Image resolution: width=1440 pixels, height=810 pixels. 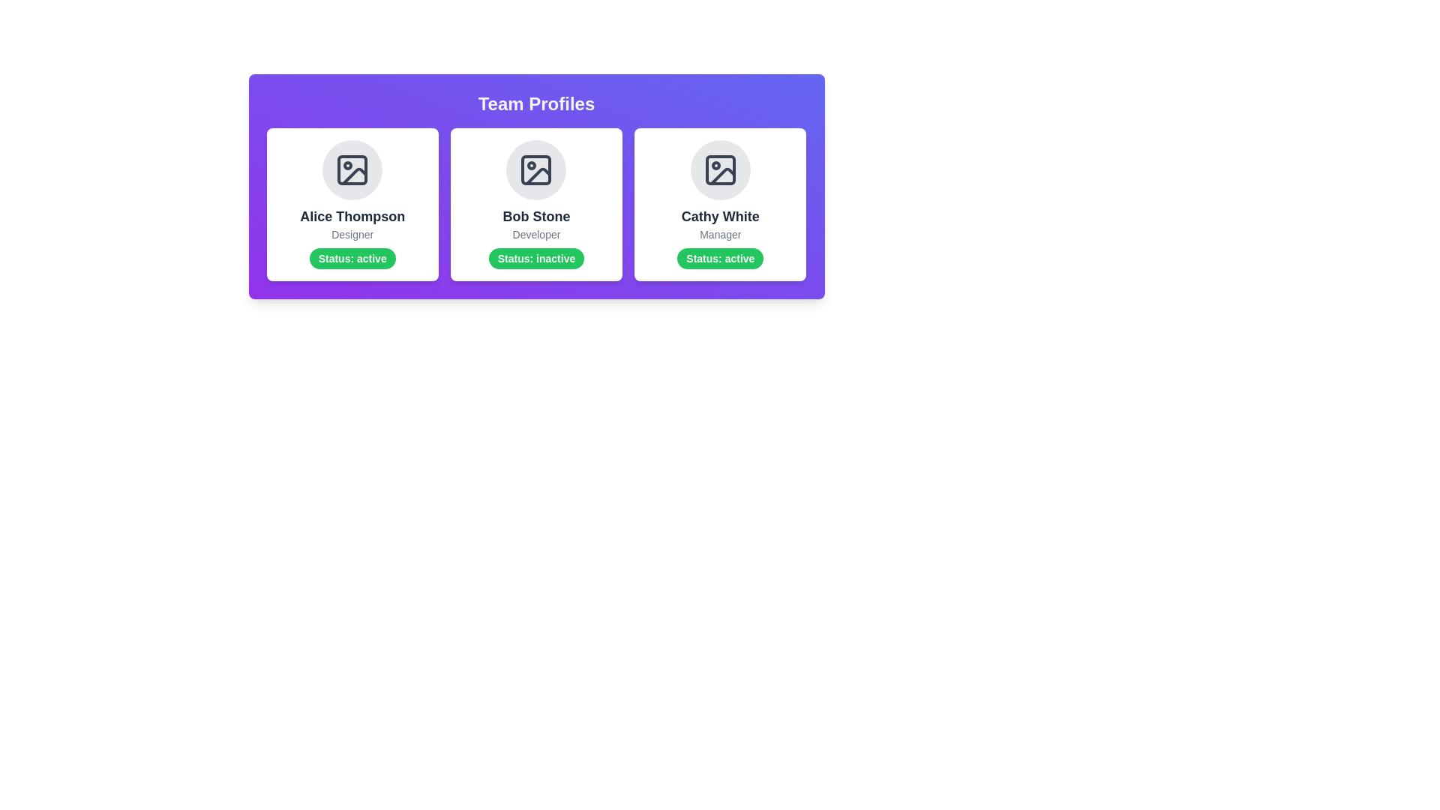 I want to click on Image placeholder icon located in the second avatar slot of the 'Team Profiles' section, which is centered above the name 'Bob Stone', so click(x=536, y=169).